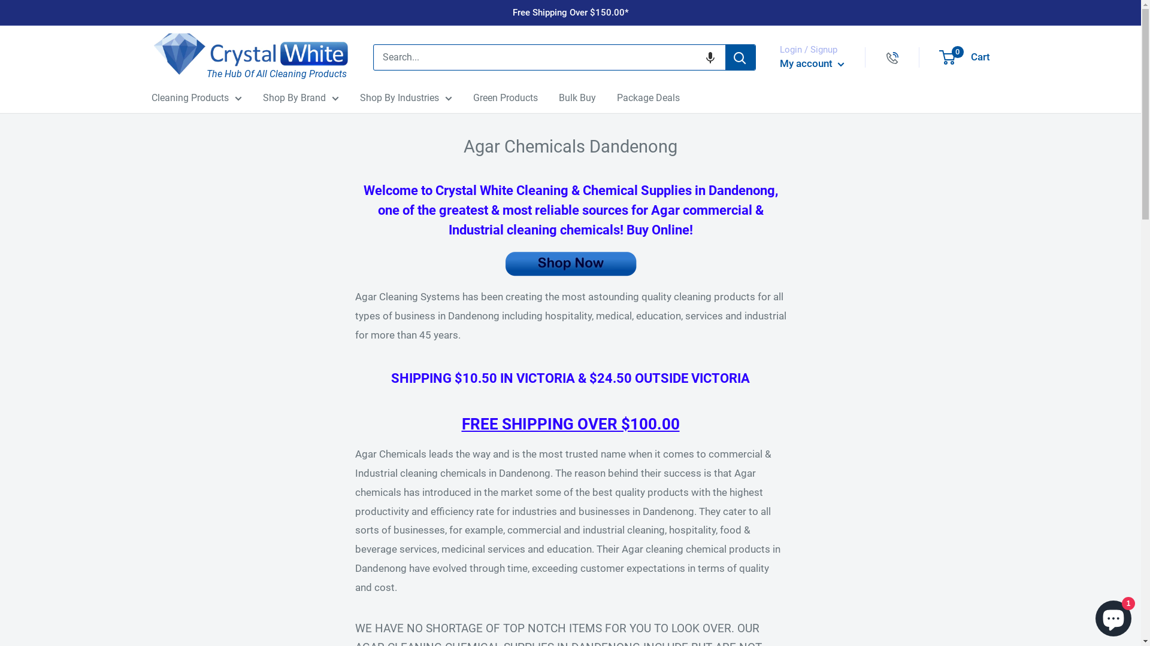 This screenshot has width=1150, height=646. What do you see at coordinates (353, 263) in the screenshot?
I see `'Cleaning Supplies '` at bounding box center [353, 263].